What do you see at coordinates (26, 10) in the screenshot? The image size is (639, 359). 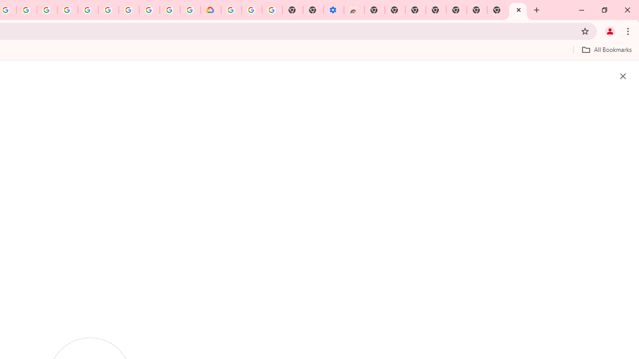 I see `'Create your Google Account'` at bounding box center [26, 10].